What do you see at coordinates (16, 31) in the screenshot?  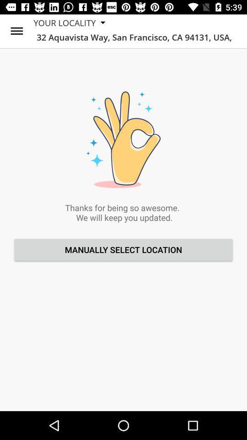 I see `icon to the left of your locality icon` at bounding box center [16, 31].